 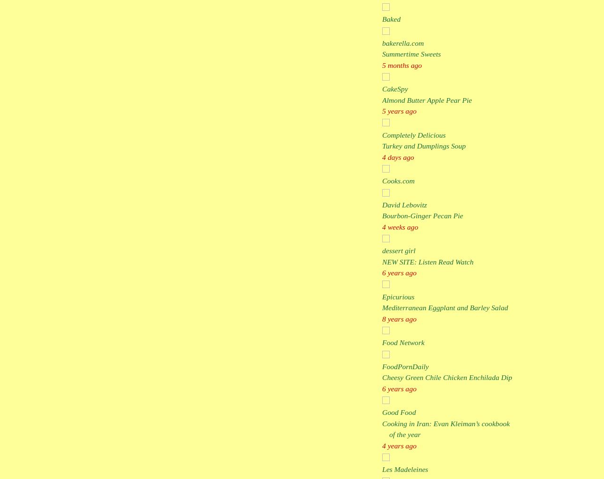 What do you see at coordinates (405, 469) in the screenshot?
I see `'Les Madeleines'` at bounding box center [405, 469].